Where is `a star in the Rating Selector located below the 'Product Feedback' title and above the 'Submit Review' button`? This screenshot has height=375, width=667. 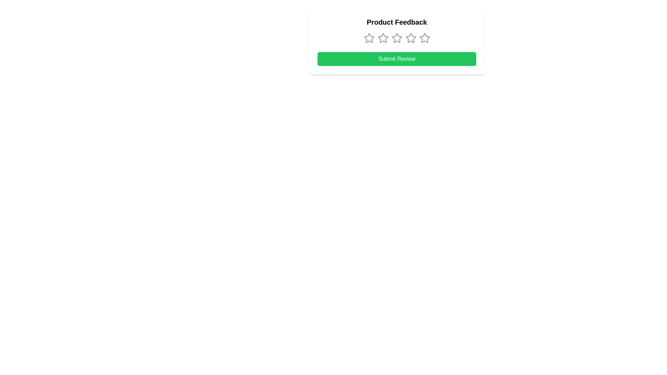 a star in the Rating Selector located below the 'Product Feedback' title and above the 'Submit Review' button is located at coordinates (397, 38).